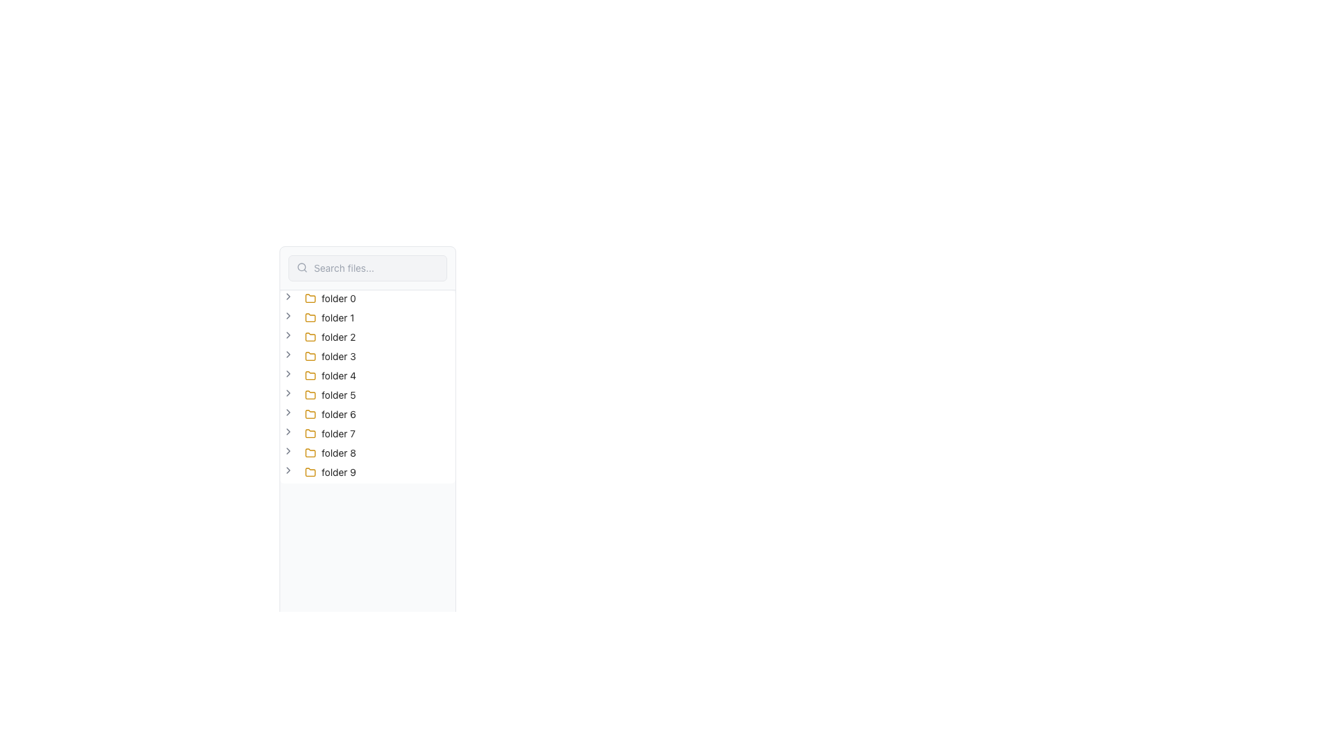 This screenshot has height=745, width=1325. Describe the element at coordinates (310, 472) in the screenshot. I see `the small yellow folder icon with a dark outline located in the left panel of the application, labeled 'folder 9'` at that location.